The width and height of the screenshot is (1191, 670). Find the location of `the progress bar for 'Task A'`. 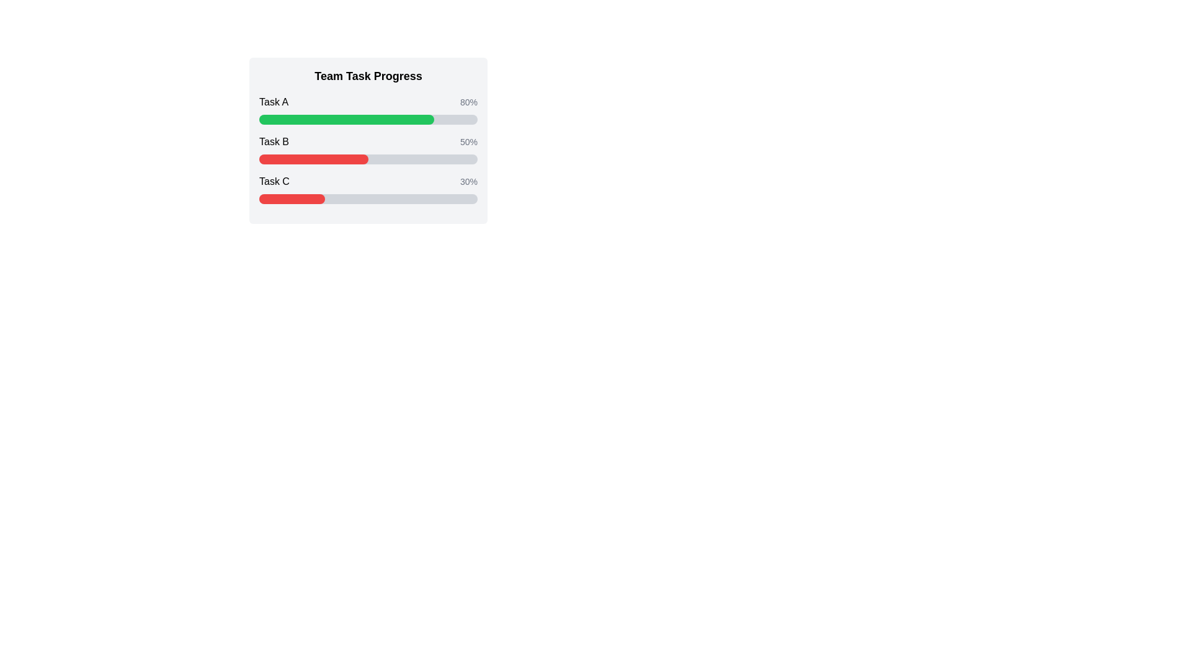

the progress bar for 'Task A' is located at coordinates (368, 119).